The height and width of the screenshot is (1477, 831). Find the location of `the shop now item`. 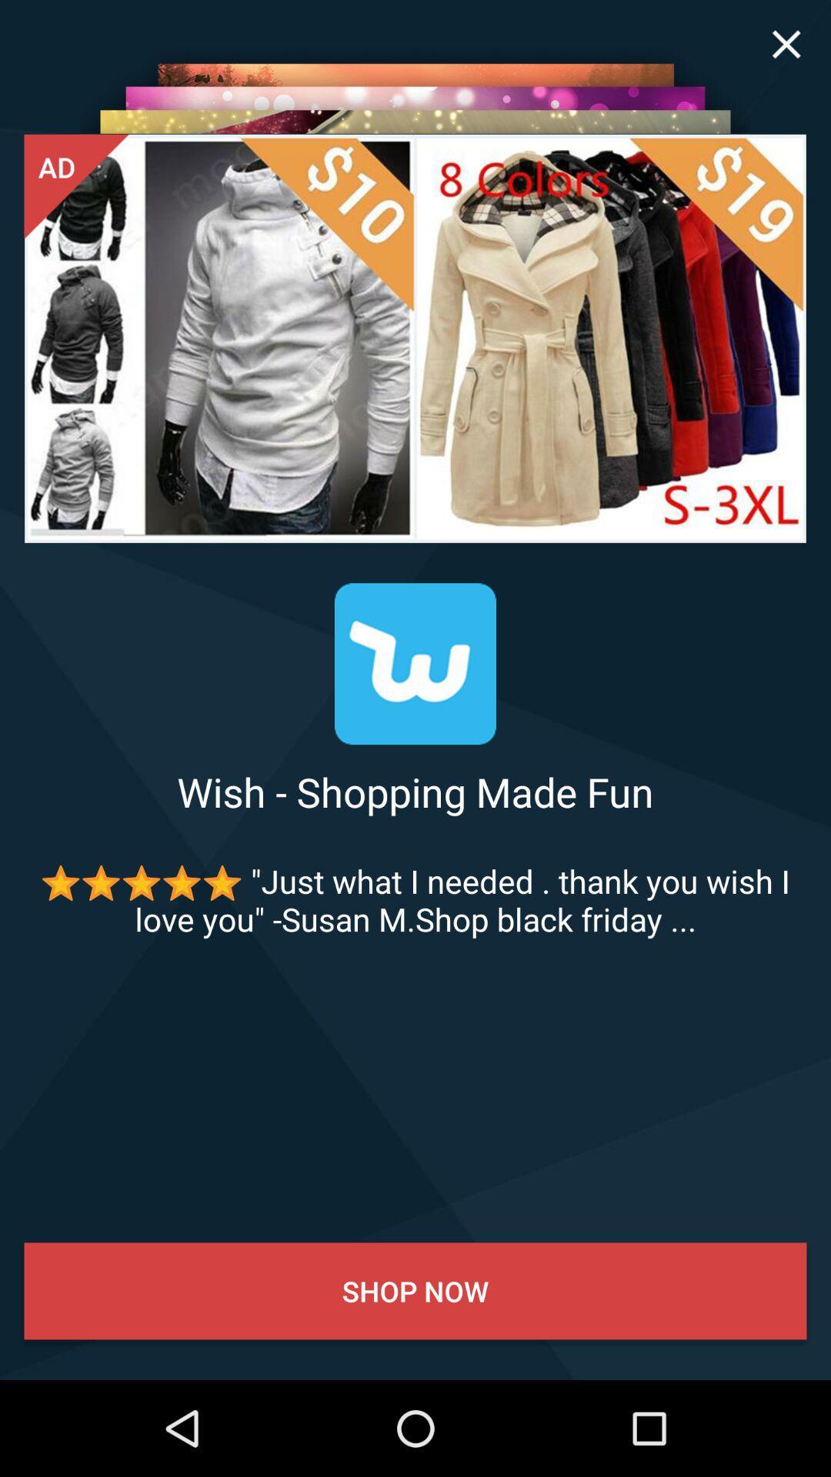

the shop now item is located at coordinates (415, 1291).